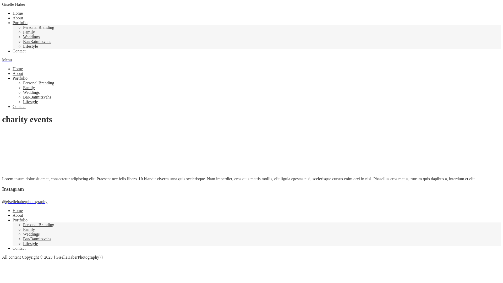 This screenshot has height=283, width=503. Describe the element at coordinates (30, 243) in the screenshot. I see `'Lifestyle'` at that location.